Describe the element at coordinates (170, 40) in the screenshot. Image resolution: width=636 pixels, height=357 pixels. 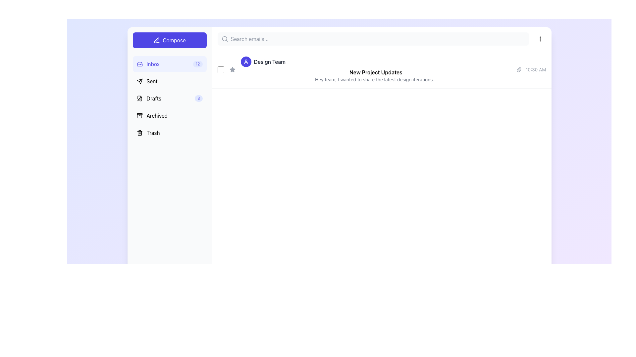
I see `the 'Compose' button located at the top of the vertical menu on the left side of the interface to initiate composing a new email` at that location.